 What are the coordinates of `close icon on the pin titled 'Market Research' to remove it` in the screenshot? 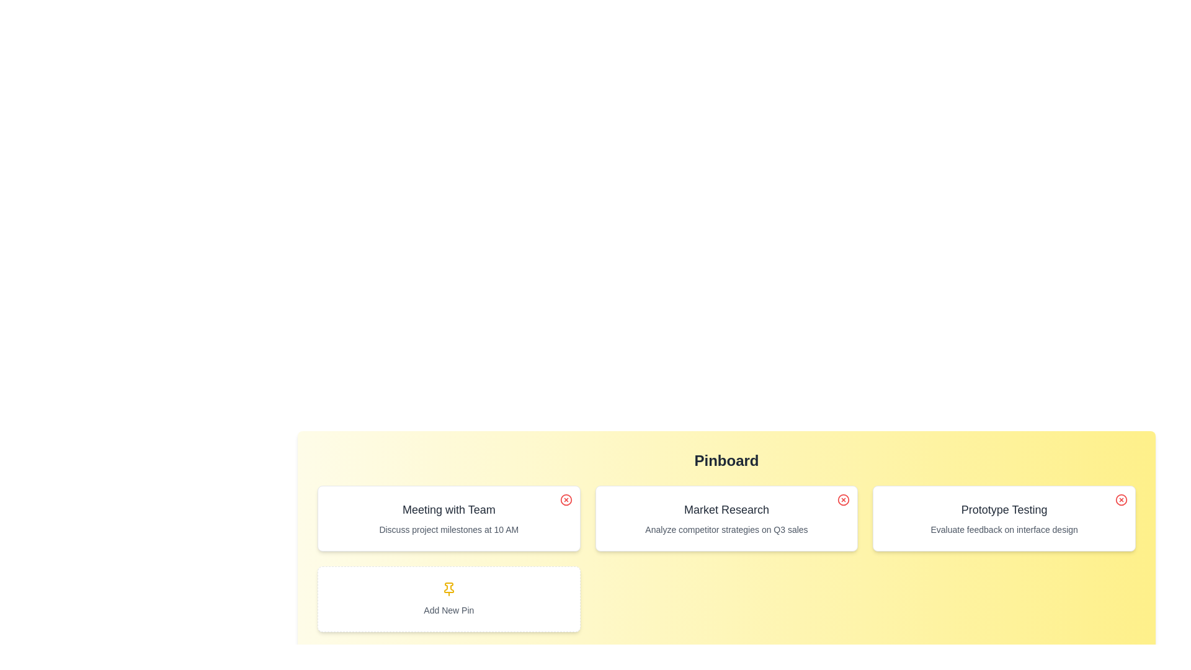 It's located at (844, 499).